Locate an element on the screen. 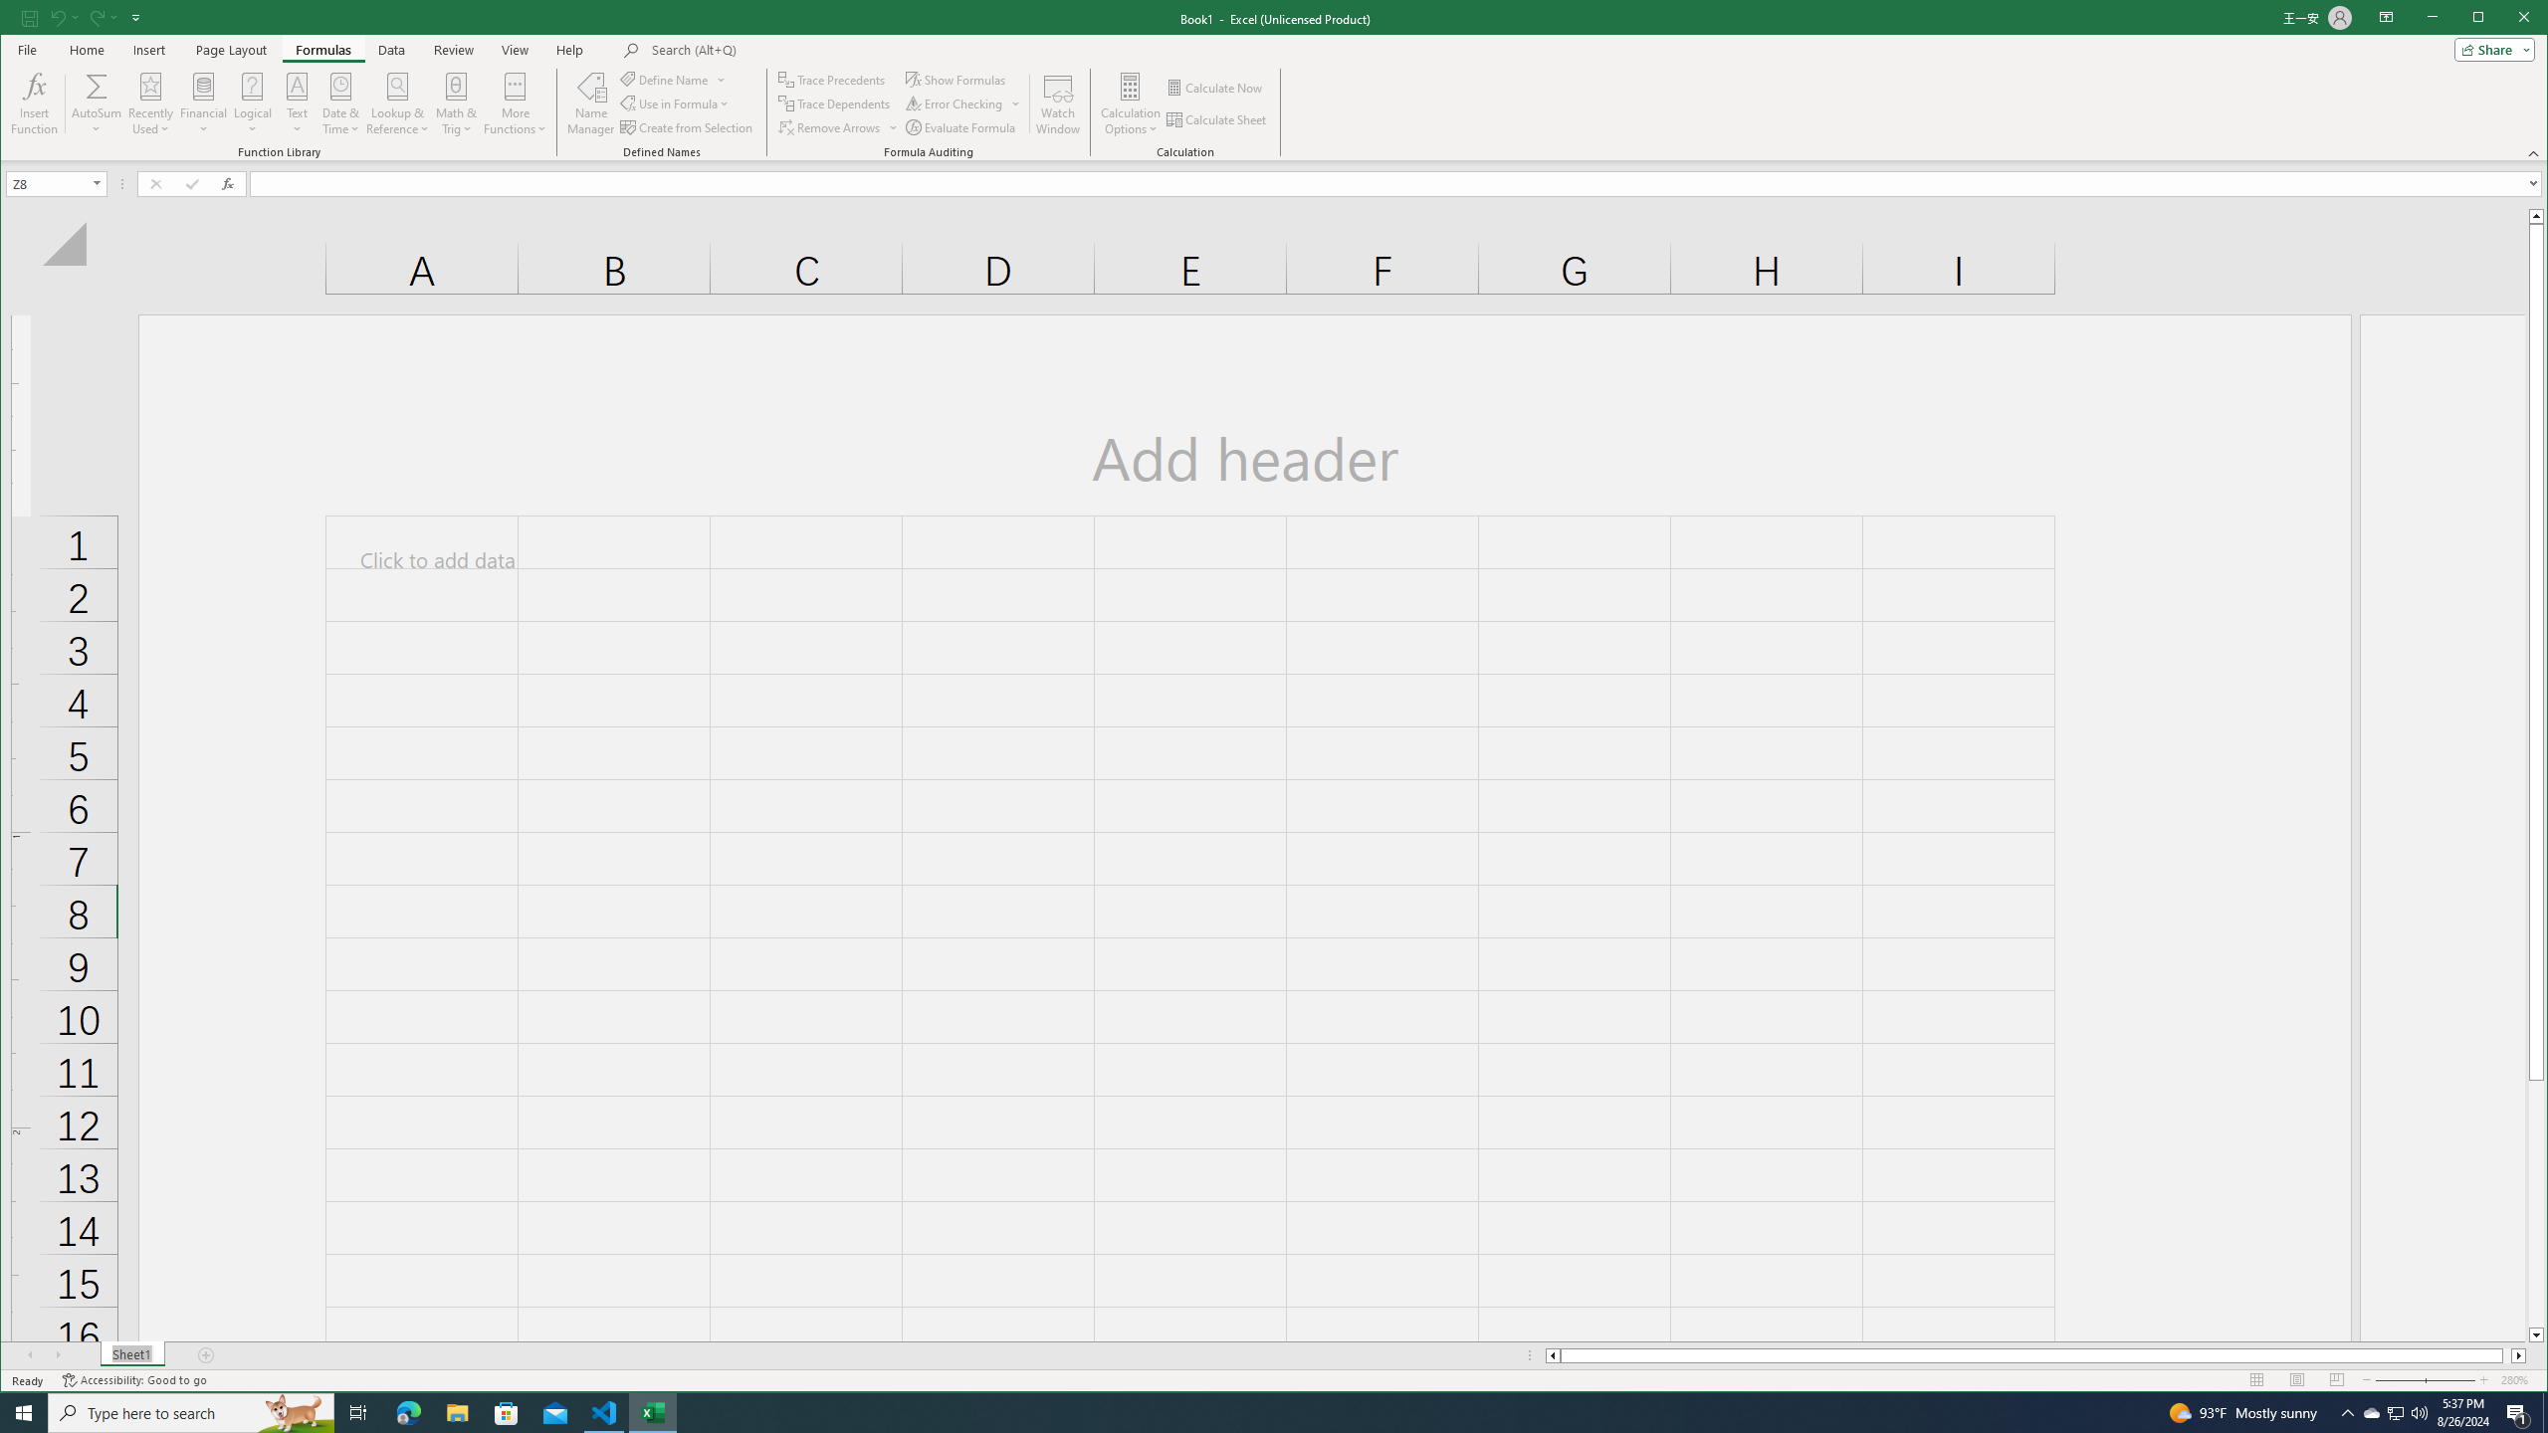 The image size is (2548, 1433). 'Maximize' is located at coordinates (2507, 19).